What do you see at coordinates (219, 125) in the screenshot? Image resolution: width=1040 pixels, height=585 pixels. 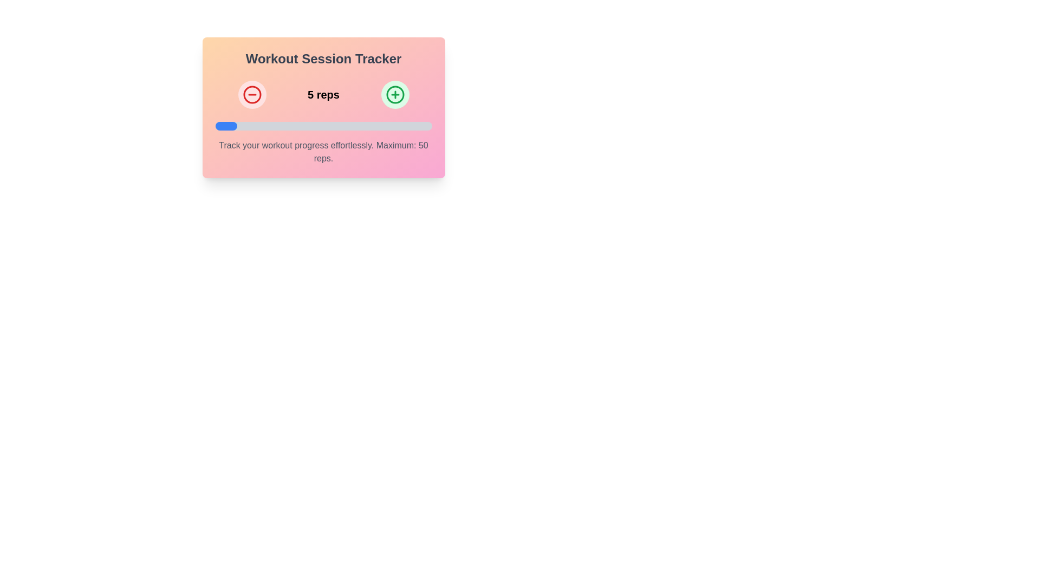 I see `the slider` at bounding box center [219, 125].